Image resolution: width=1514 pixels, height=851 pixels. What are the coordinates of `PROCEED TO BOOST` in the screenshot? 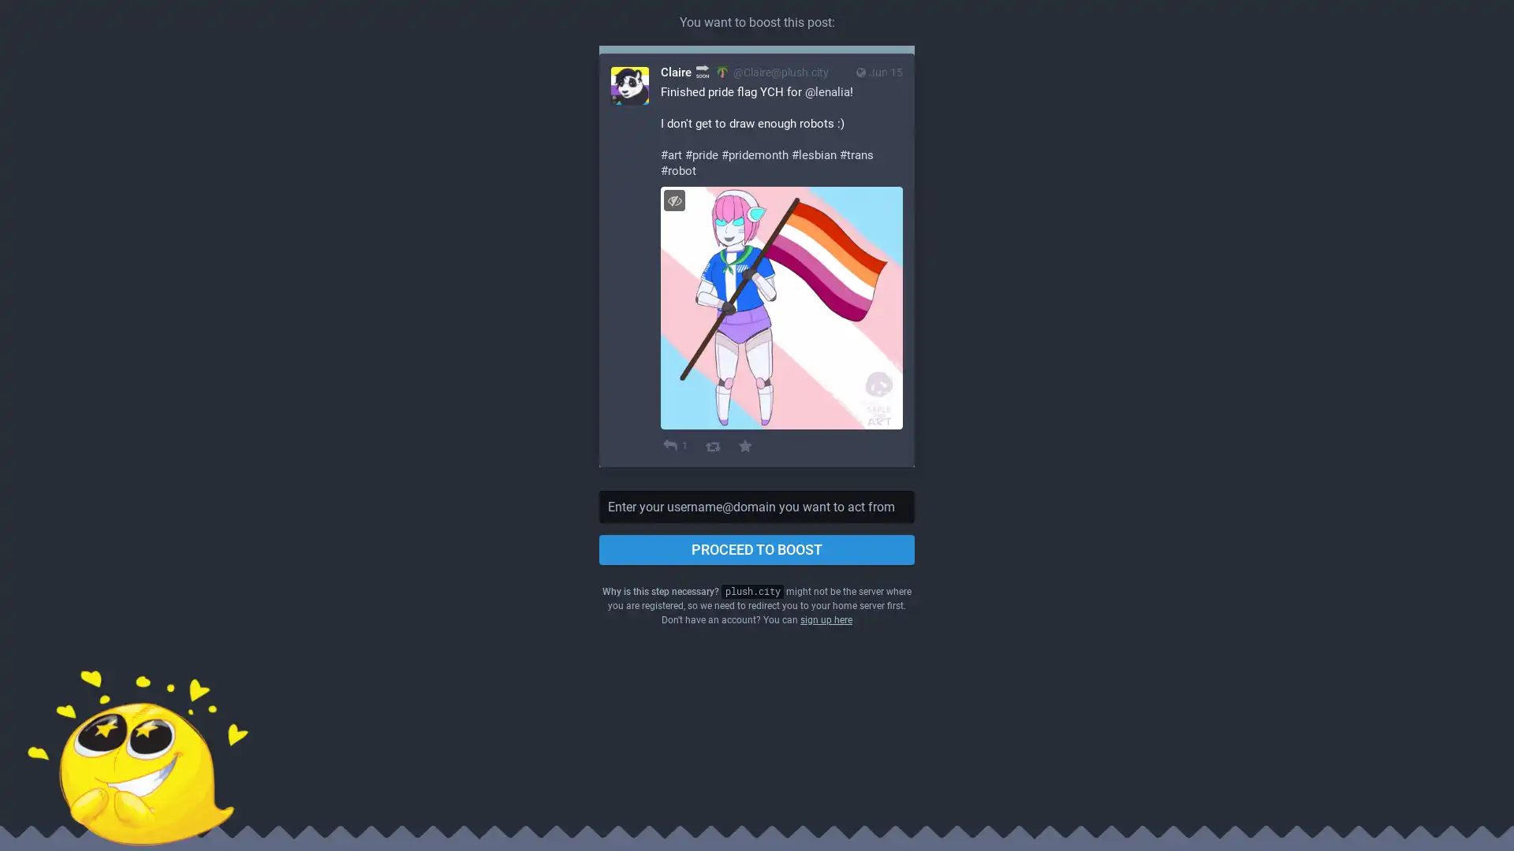 It's located at (757, 548).